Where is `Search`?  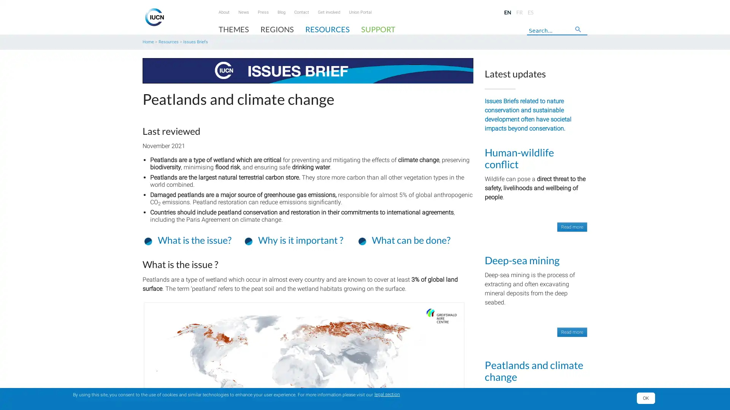
Search is located at coordinates (580, 31).